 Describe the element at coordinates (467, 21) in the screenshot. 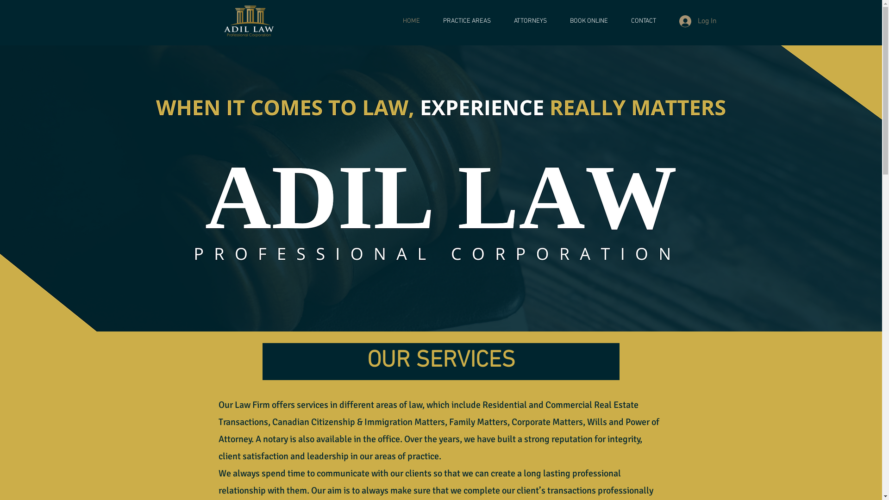

I see `'PRACTICE AREAS'` at that location.